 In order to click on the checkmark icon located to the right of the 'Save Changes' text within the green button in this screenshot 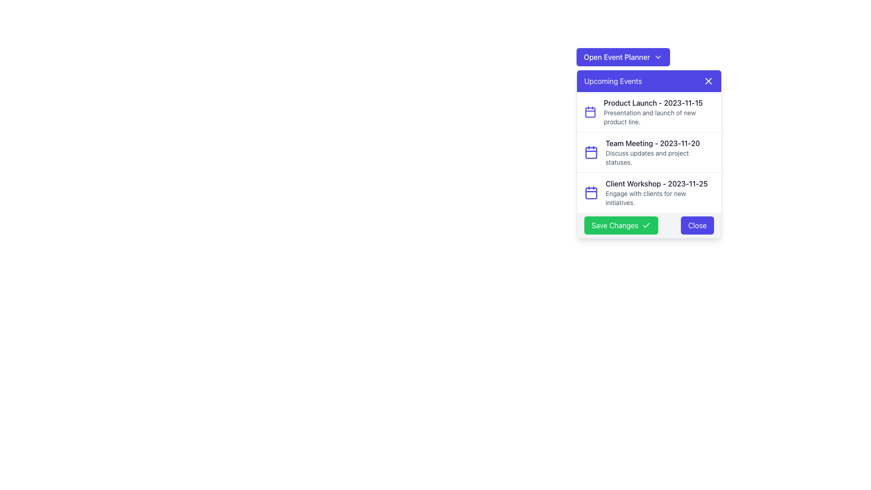, I will do `click(646, 225)`.